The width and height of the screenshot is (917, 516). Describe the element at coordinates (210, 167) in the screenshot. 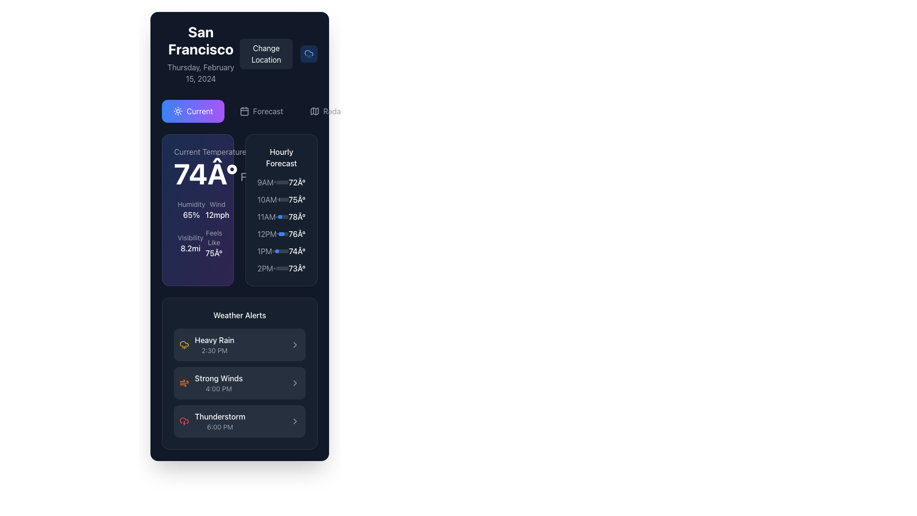

I see `temperature value displayed in the text element located centrally within the weather summary card, which shows the current temperature in Fahrenheit` at that location.